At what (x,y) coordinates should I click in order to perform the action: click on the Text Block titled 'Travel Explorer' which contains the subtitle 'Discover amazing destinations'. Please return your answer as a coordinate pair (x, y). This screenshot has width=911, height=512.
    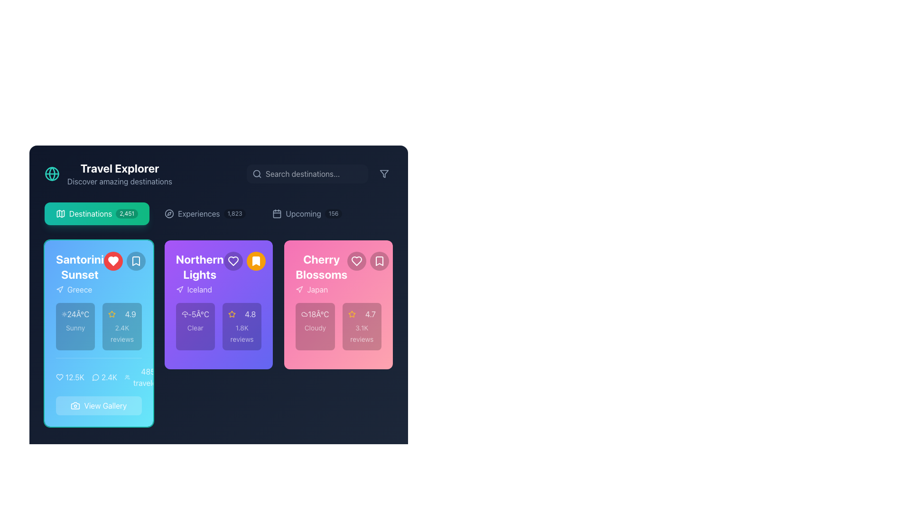
    Looking at the image, I should click on (119, 174).